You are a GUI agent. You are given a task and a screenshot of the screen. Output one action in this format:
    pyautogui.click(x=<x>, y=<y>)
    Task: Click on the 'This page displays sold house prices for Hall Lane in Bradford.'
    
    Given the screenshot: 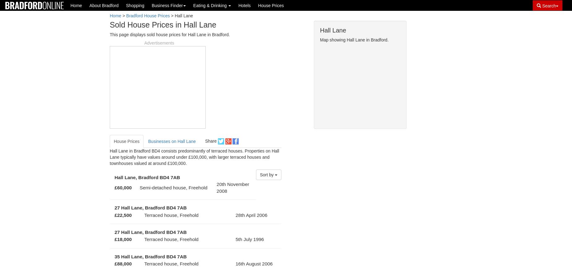 What is the action you would take?
    pyautogui.click(x=170, y=34)
    